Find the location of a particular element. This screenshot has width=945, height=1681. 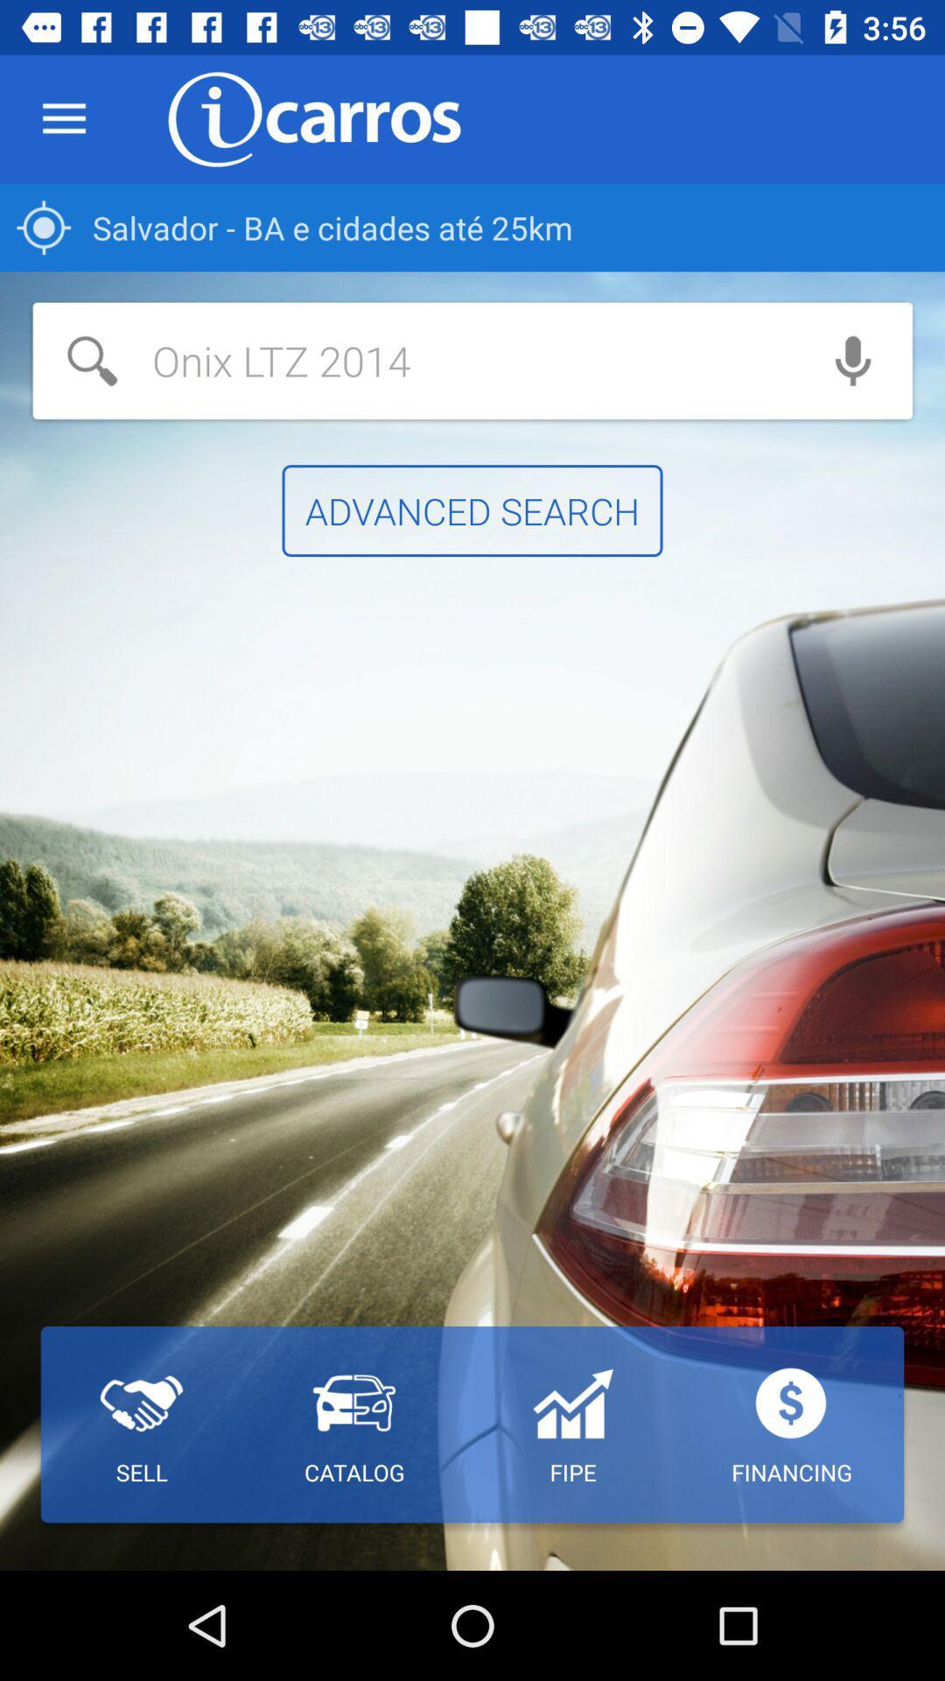

the item next to the sell is located at coordinates (354, 1424).